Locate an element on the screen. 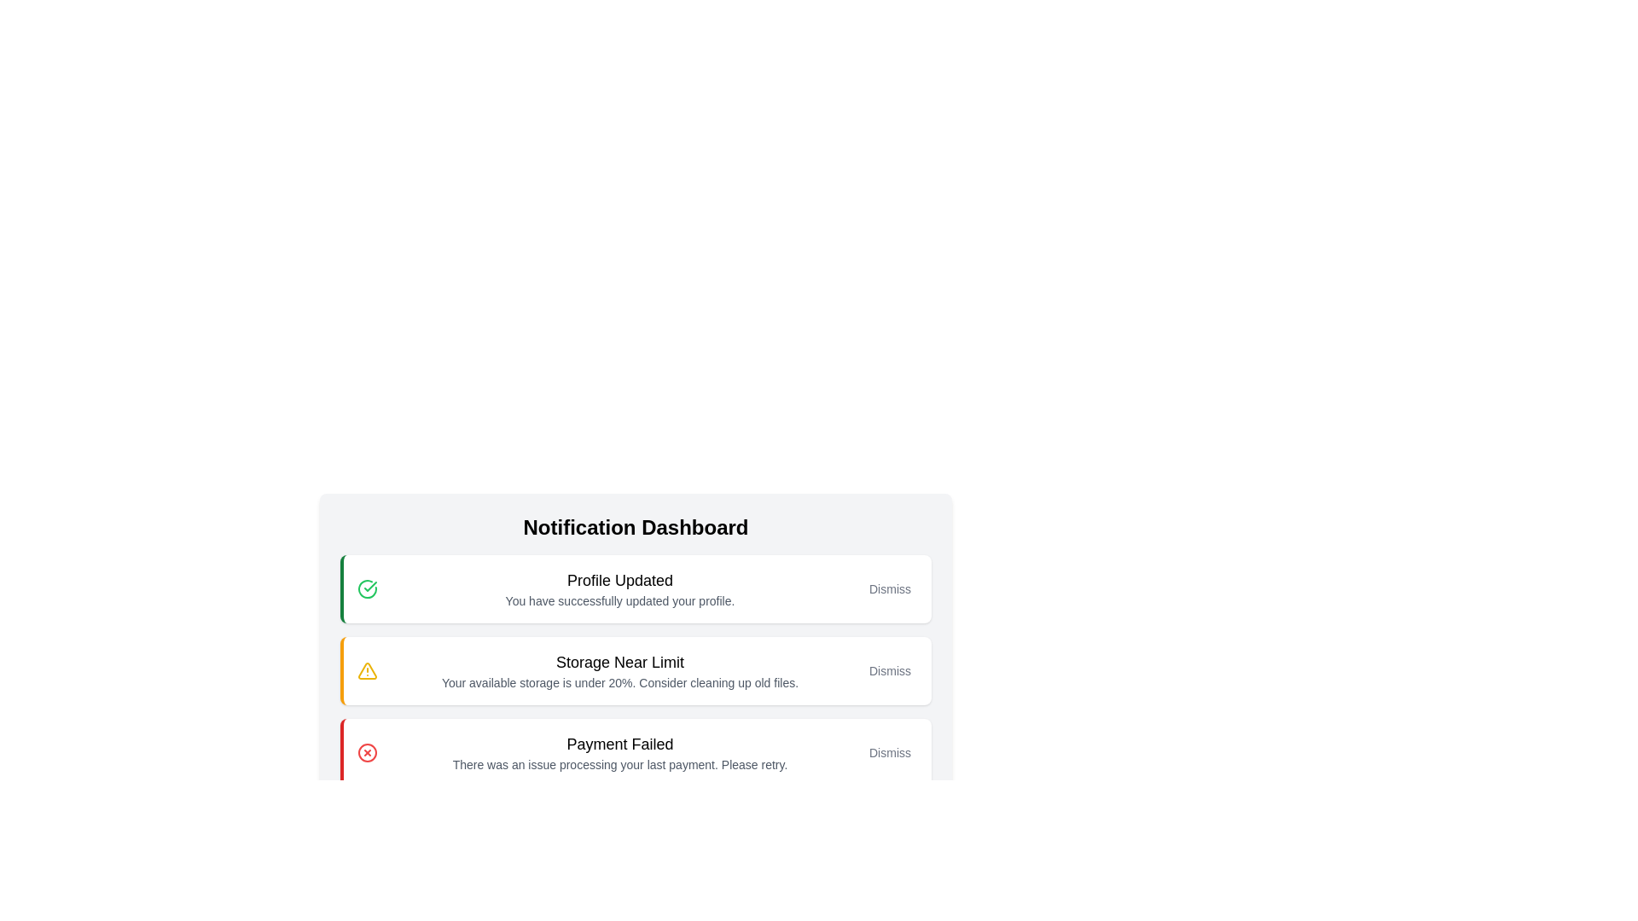  the bold, large-sized text label reading 'Notification Dashboard' at the top of the notification panel is located at coordinates (635, 526).